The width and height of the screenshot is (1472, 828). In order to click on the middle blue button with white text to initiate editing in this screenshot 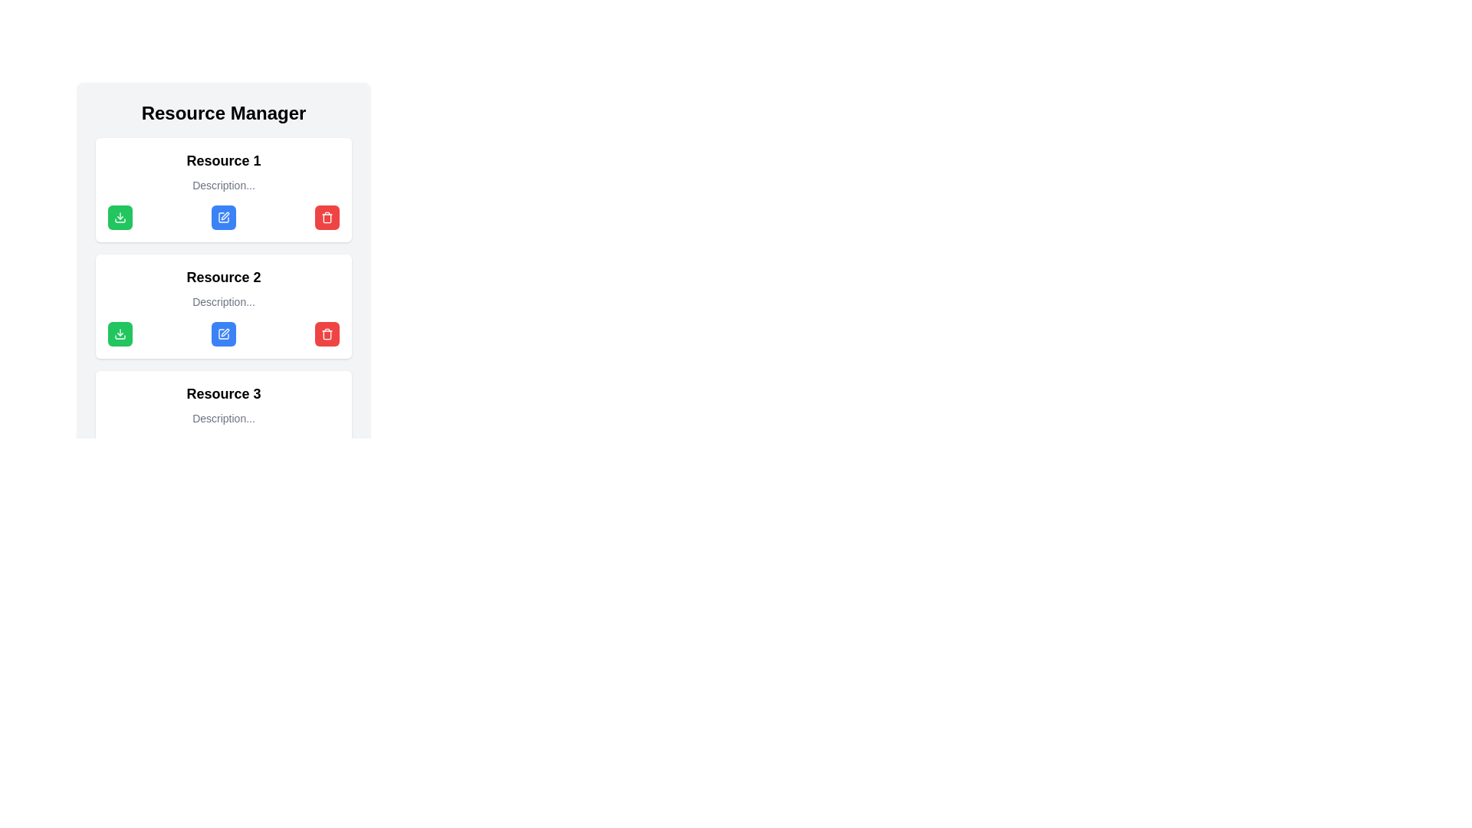, I will do `click(223, 218)`.